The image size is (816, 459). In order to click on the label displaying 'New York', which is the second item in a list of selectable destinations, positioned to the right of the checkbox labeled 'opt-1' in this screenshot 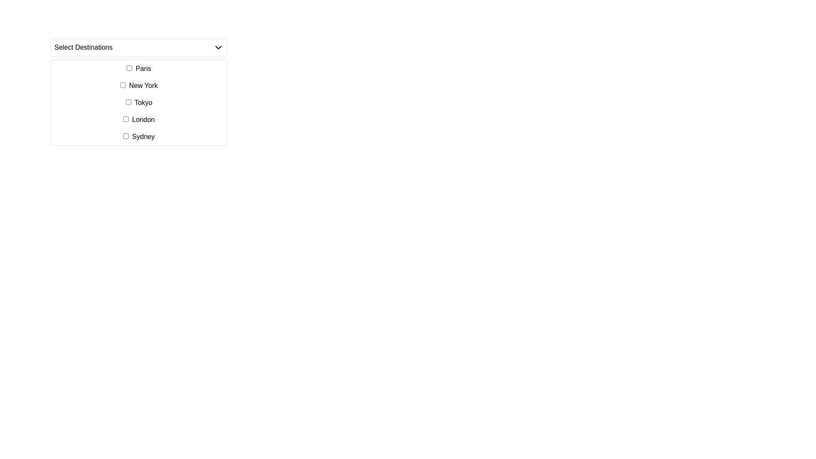, I will do `click(143, 85)`.